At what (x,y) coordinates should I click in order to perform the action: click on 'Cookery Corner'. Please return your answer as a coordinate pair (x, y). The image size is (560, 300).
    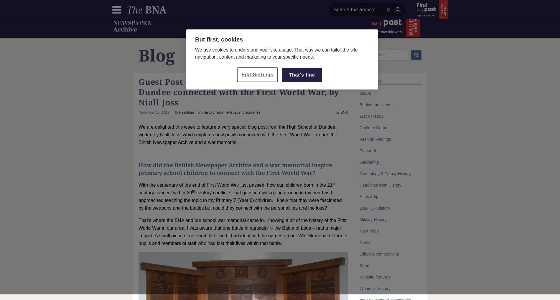
    Looking at the image, I should click on (374, 127).